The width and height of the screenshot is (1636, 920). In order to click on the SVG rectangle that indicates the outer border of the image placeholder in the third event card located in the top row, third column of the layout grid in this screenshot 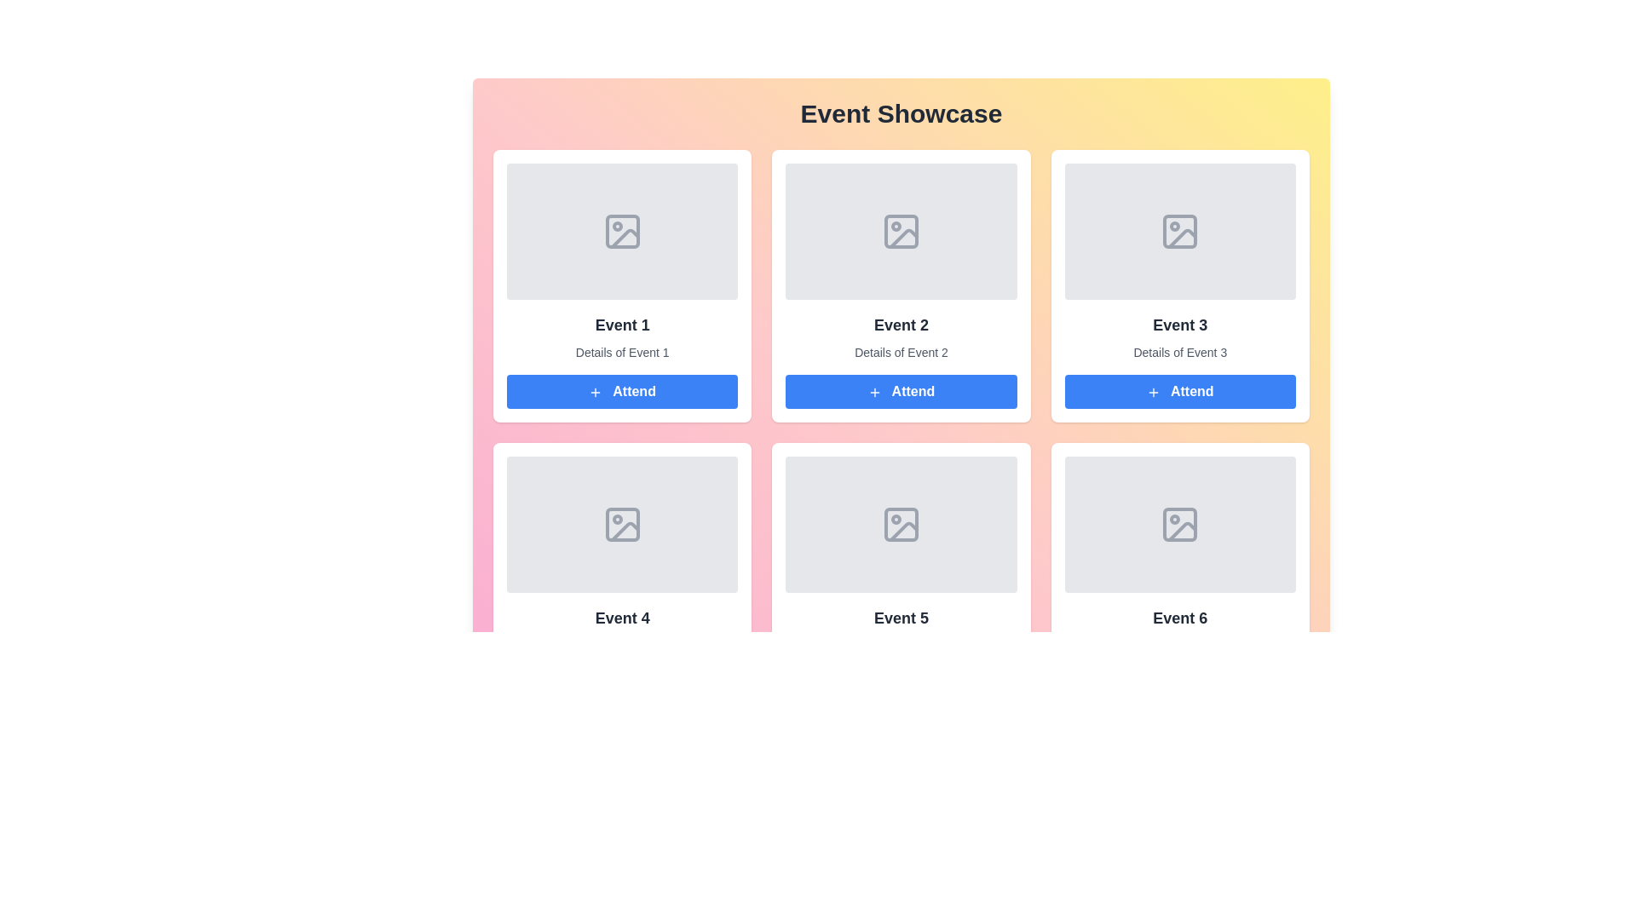, I will do `click(1179, 232)`.